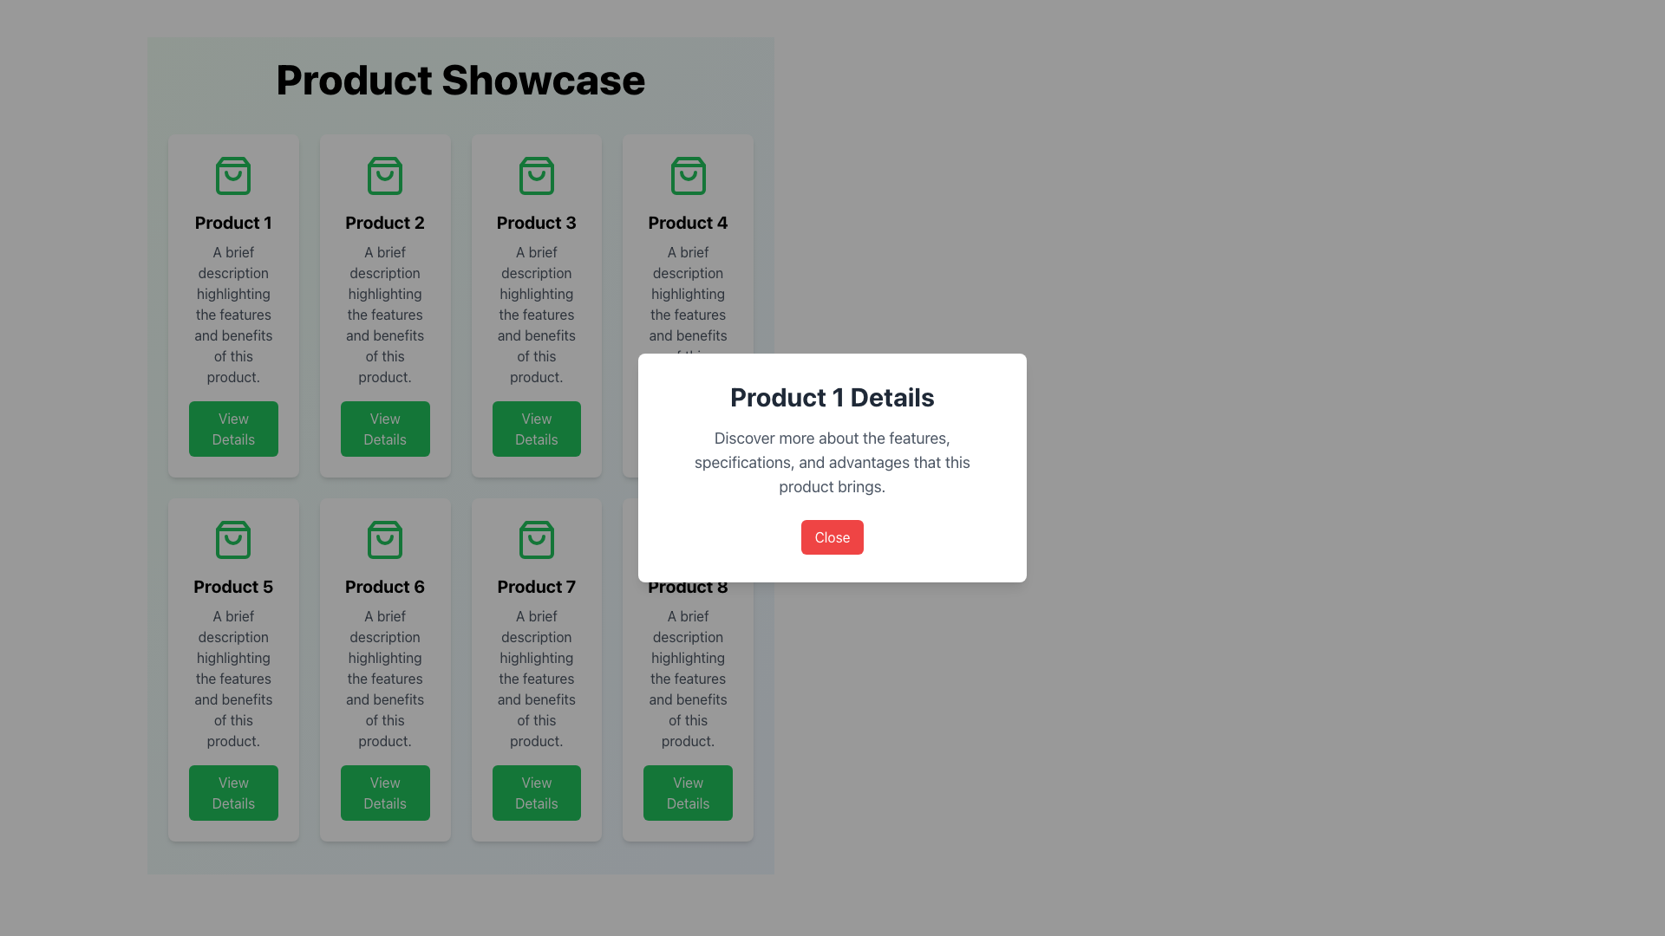 The height and width of the screenshot is (936, 1665). Describe the element at coordinates (232, 222) in the screenshot. I see `the text label that presents the product title in the first product card located in the top-left corner of the grid` at that location.